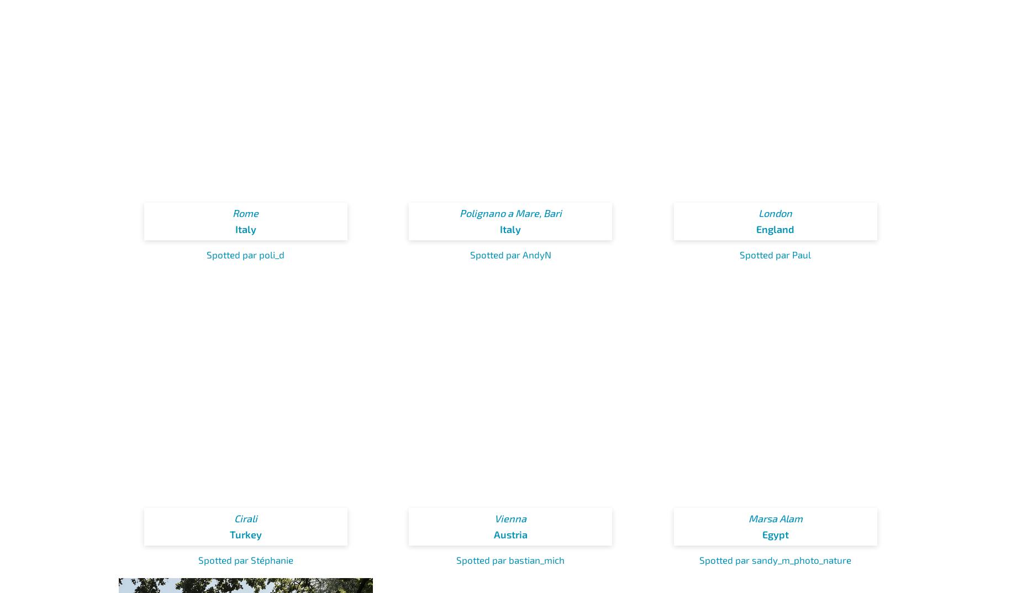 The image size is (1022, 593). What do you see at coordinates (775, 558) in the screenshot?
I see `'Spotted par sandy_m_photo_nature'` at bounding box center [775, 558].